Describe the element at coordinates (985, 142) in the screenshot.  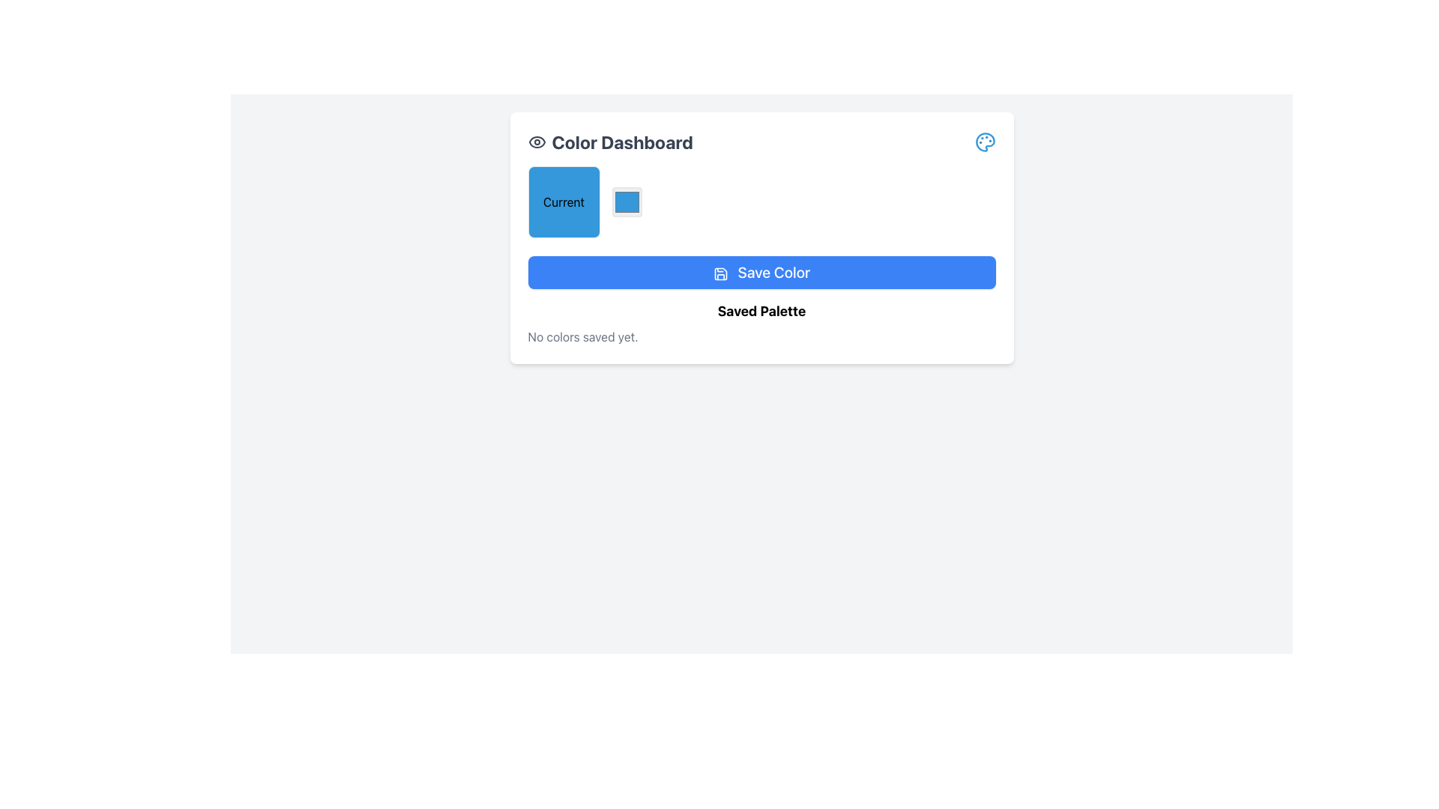
I see `the color palette icon located in the top-right corner of the 'Color Dashboard' card` at that location.